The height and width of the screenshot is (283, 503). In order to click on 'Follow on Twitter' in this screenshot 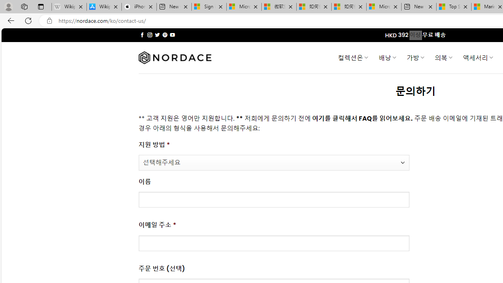, I will do `click(157, 35)`.